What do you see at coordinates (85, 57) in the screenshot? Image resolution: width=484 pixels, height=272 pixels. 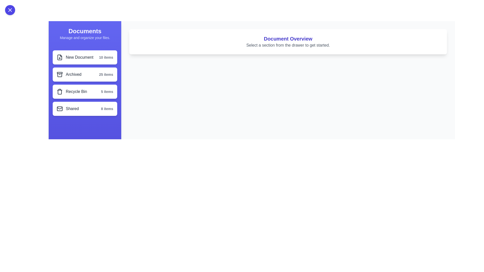 I see `the section labeled New Document in the drawer` at bounding box center [85, 57].